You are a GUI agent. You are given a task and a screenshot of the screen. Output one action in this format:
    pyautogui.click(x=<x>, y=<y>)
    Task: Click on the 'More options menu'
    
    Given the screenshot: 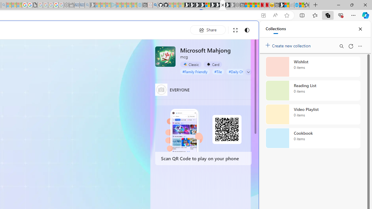 What is the action you would take?
    pyautogui.click(x=360, y=46)
    